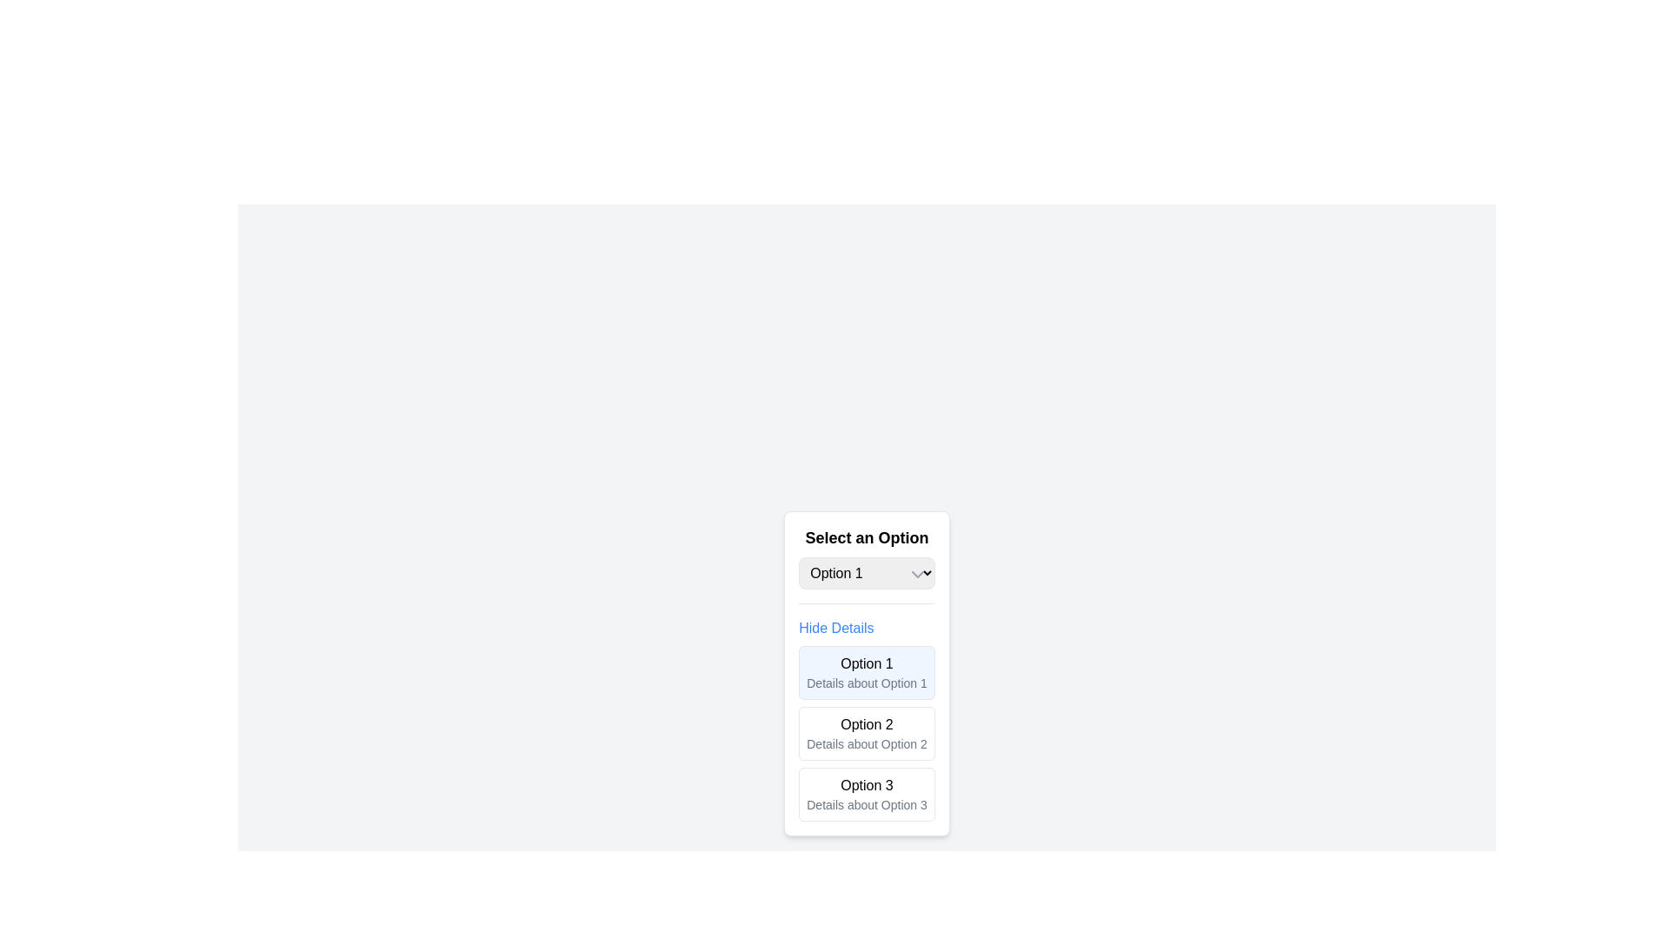 Image resolution: width=1669 pixels, height=939 pixels. Describe the element at coordinates (867, 536) in the screenshot. I see `bold text label 'Select an Option' located at the top center of the card layout, above the dropdown menu labeled 'Option 1'` at that location.